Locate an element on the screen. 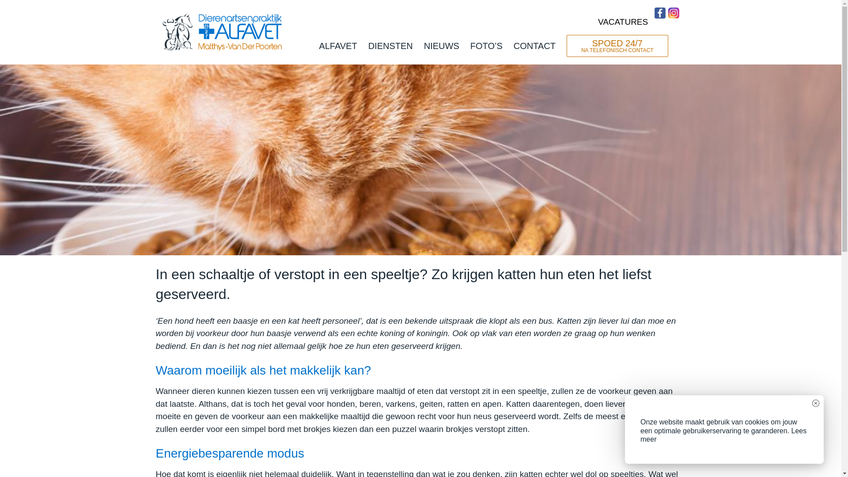 The image size is (848, 477). 'SPOED 24/7 is located at coordinates (617, 46).